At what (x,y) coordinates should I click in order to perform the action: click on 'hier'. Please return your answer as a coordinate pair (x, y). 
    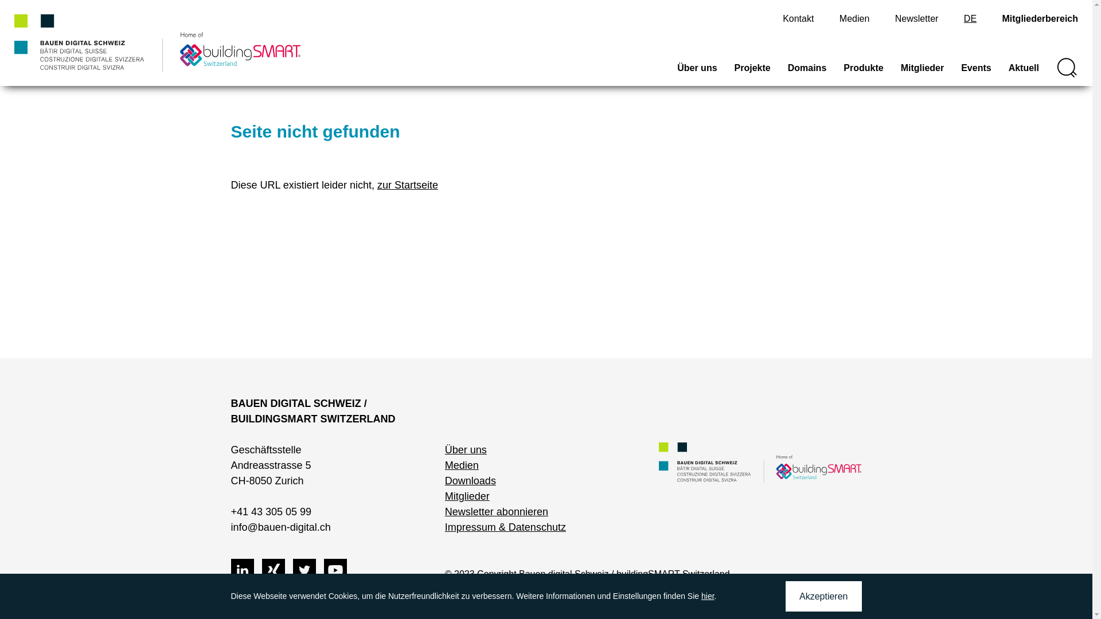
    Looking at the image, I should click on (707, 596).